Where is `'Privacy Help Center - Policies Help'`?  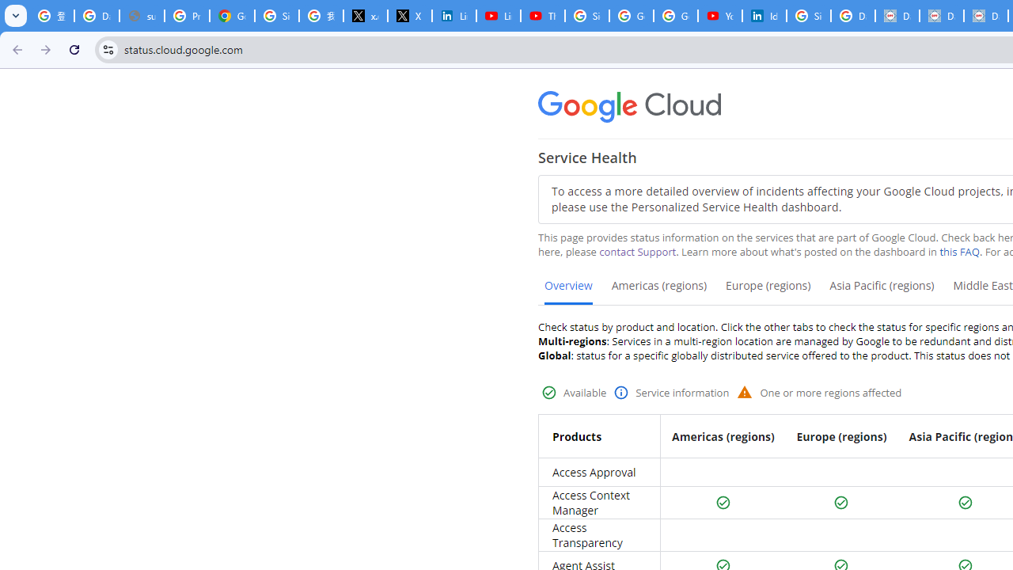
'Privacy Help Center - Policies Help' is located at coordinates (187, 16).